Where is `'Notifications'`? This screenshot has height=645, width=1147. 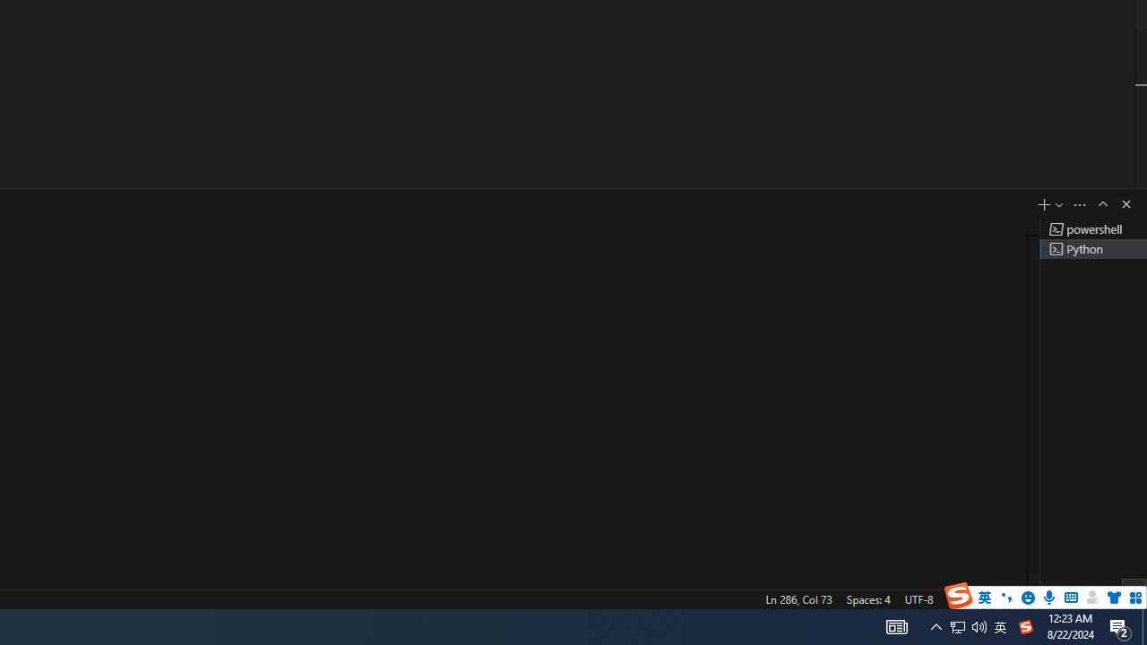 'Notifications' is located at coordinates (1125, 598).